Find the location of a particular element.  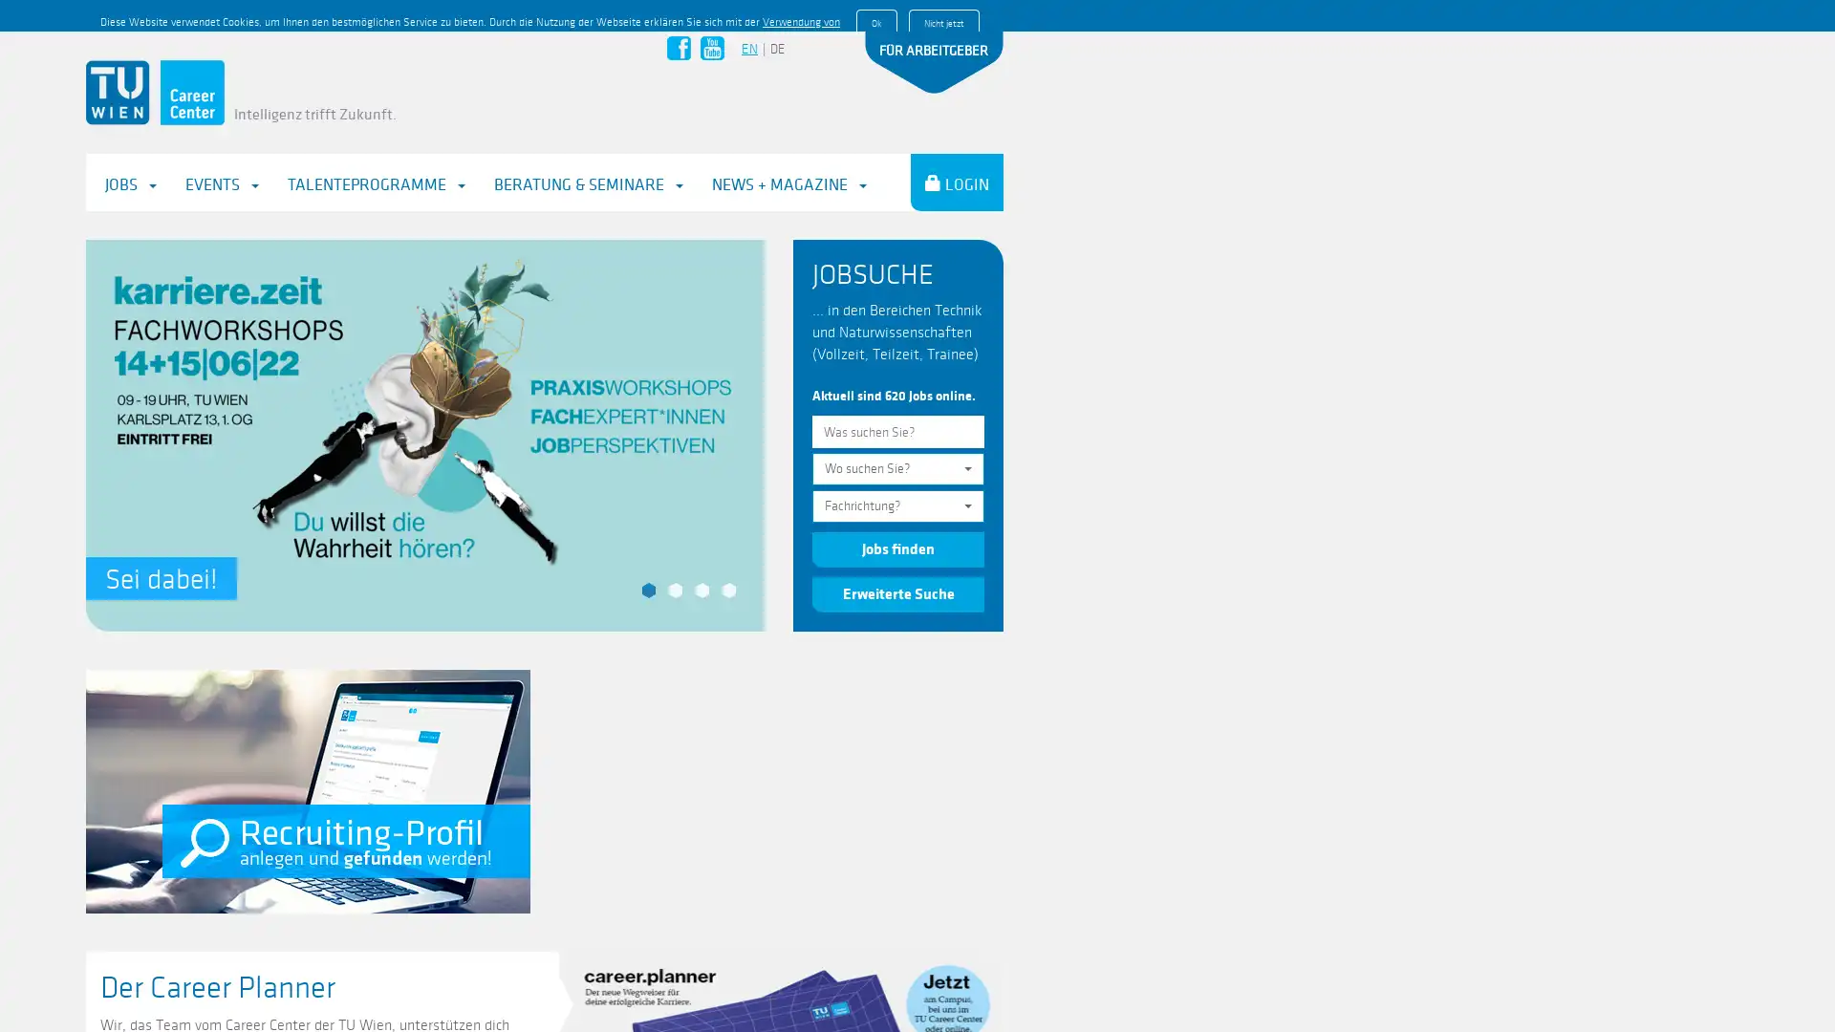

Jobs finden is located at coordinates (897, 518).